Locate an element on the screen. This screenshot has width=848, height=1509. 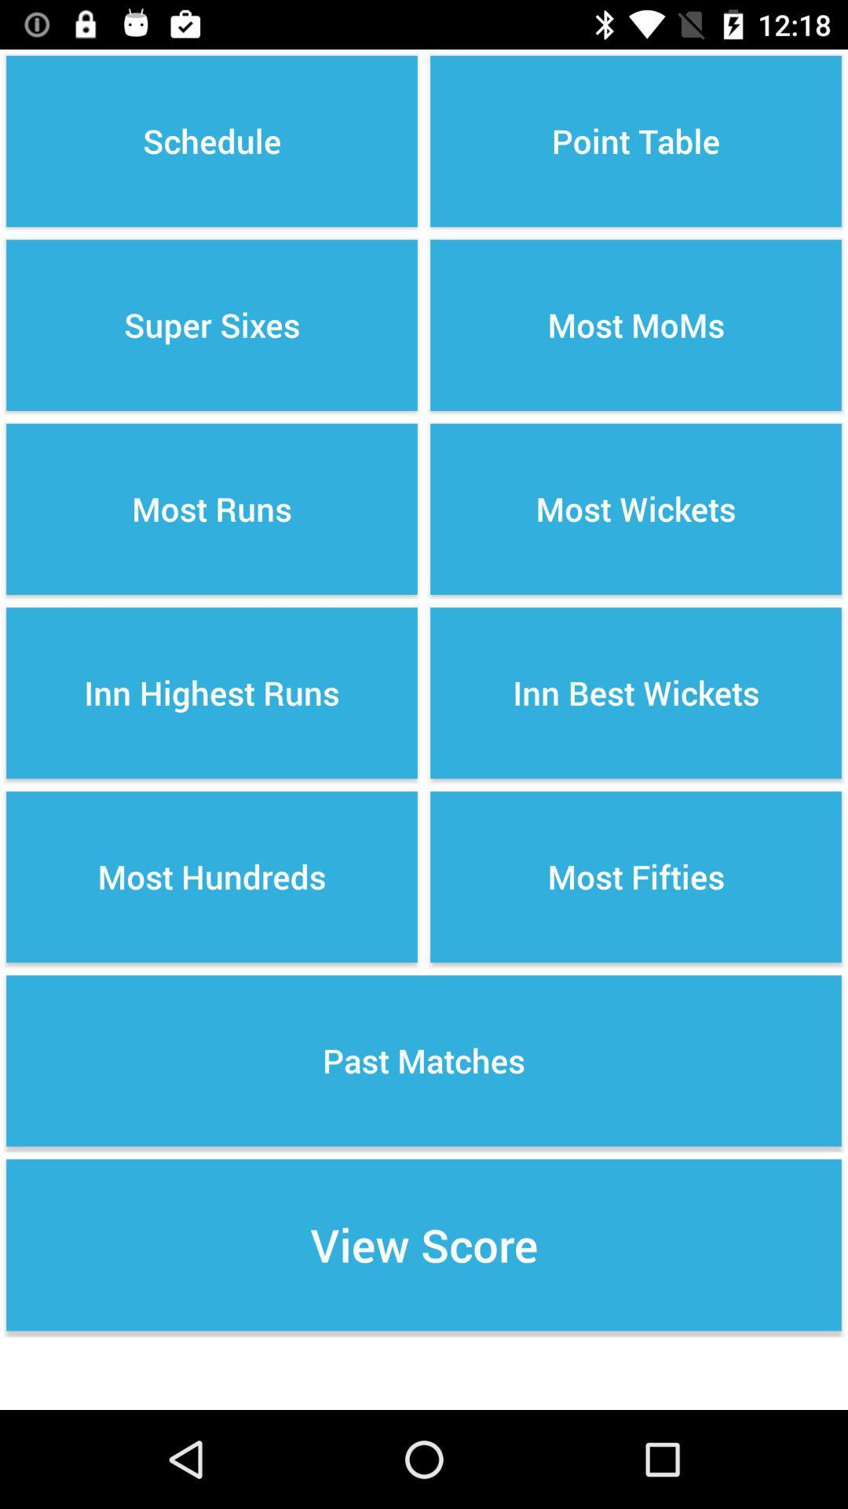
item below past matches button is located at coordinates (424, 1244).